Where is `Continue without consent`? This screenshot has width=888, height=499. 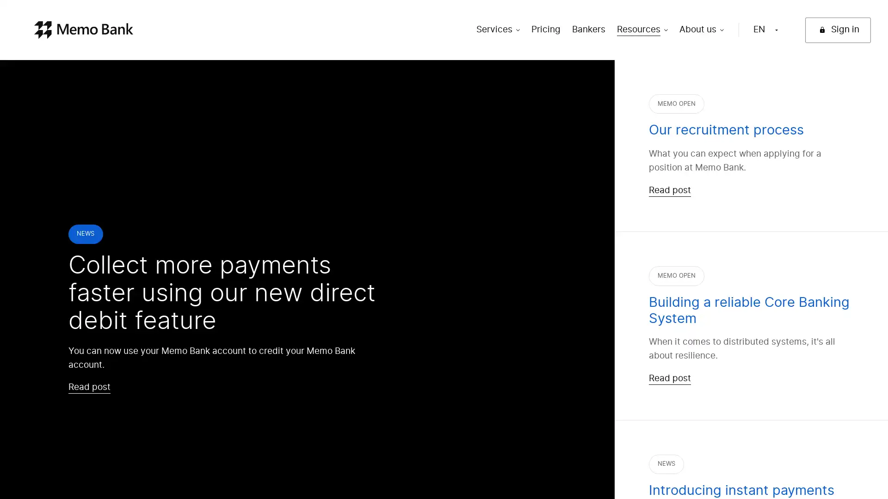 Continue without consent is located at coordinates (19, 482).